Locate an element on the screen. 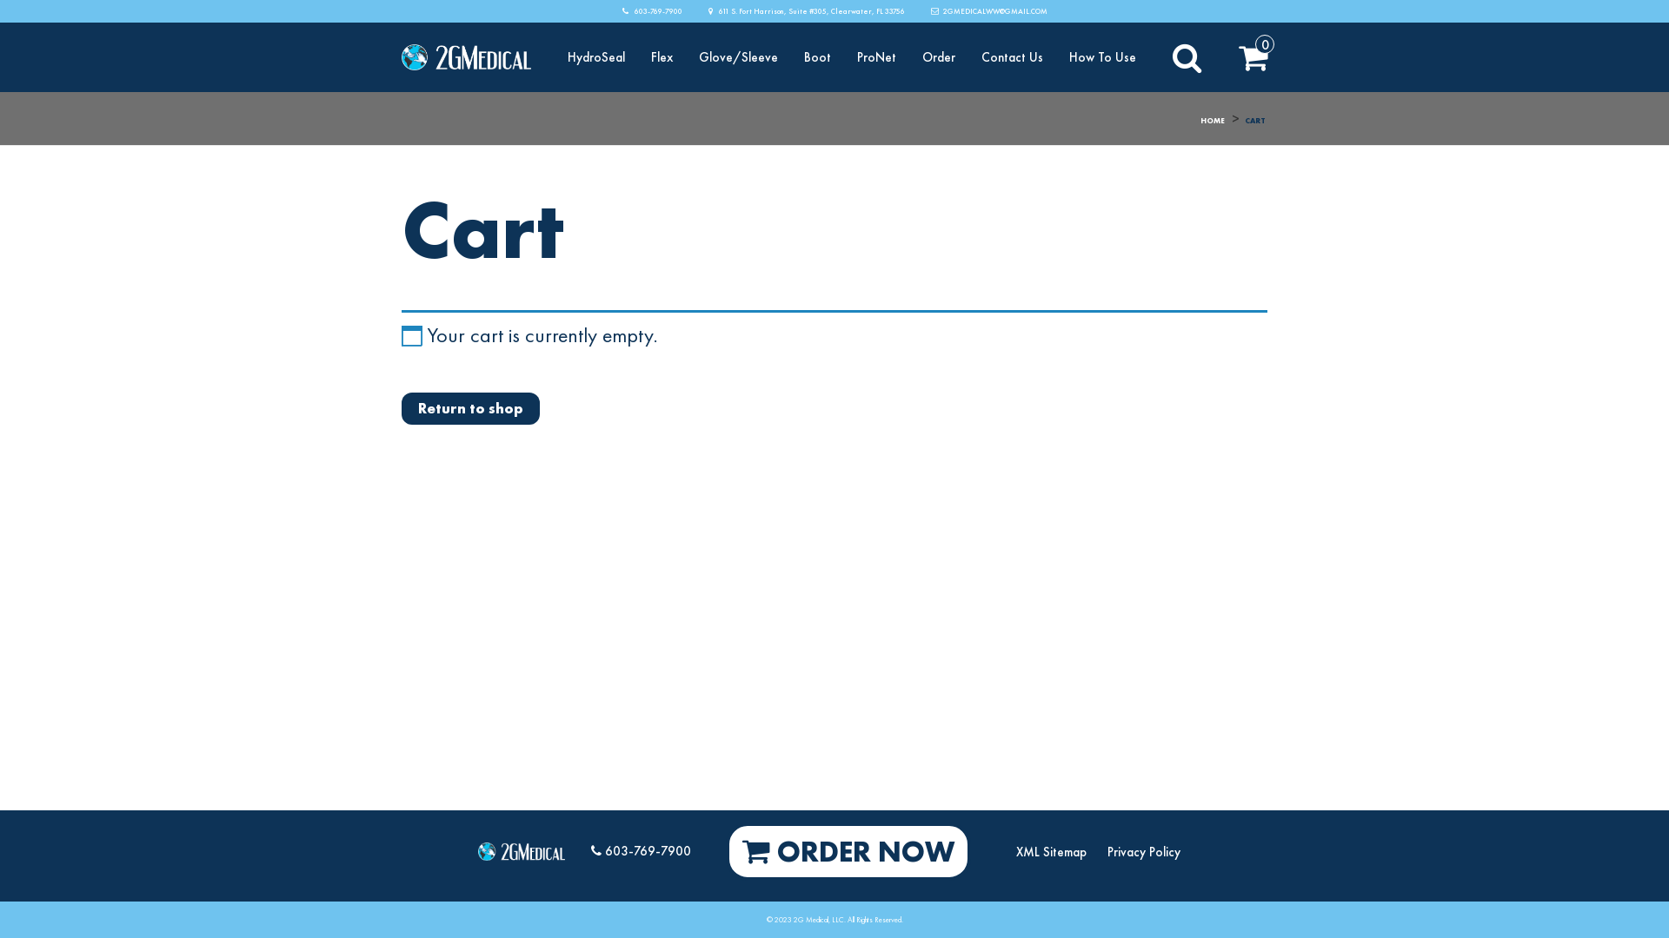 The width and height of the screenshot is (1669, 938). 'Privacy Policy' is located at coordinates (1106, 850).